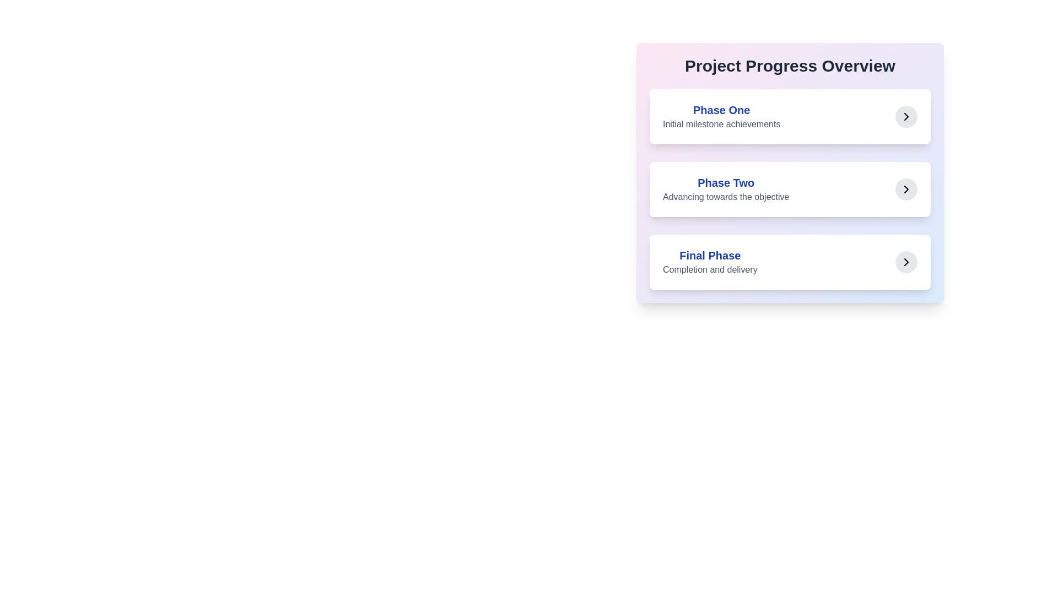  I want to click on the Icon Button (Chevron Arrow) located on the right side of the row labeled 'Phase Two', so click(906, 188).